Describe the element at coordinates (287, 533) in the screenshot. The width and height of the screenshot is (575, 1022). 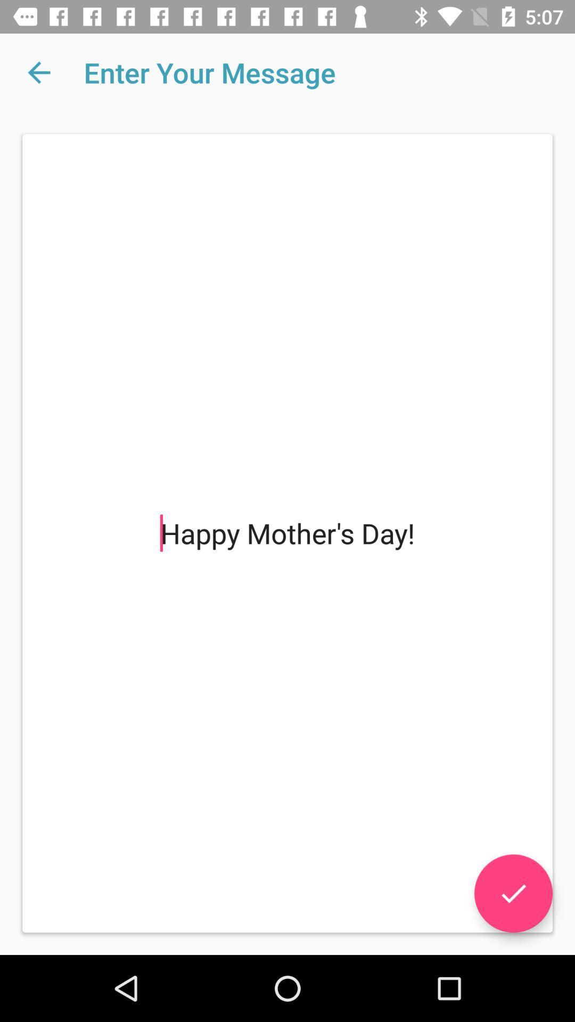
I see `the happy mother s at the center` at that location.